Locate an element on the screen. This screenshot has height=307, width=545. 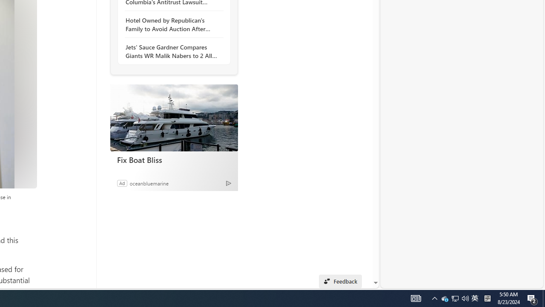
'Fix Boat Bliss' is located at coordinates (173, 118).